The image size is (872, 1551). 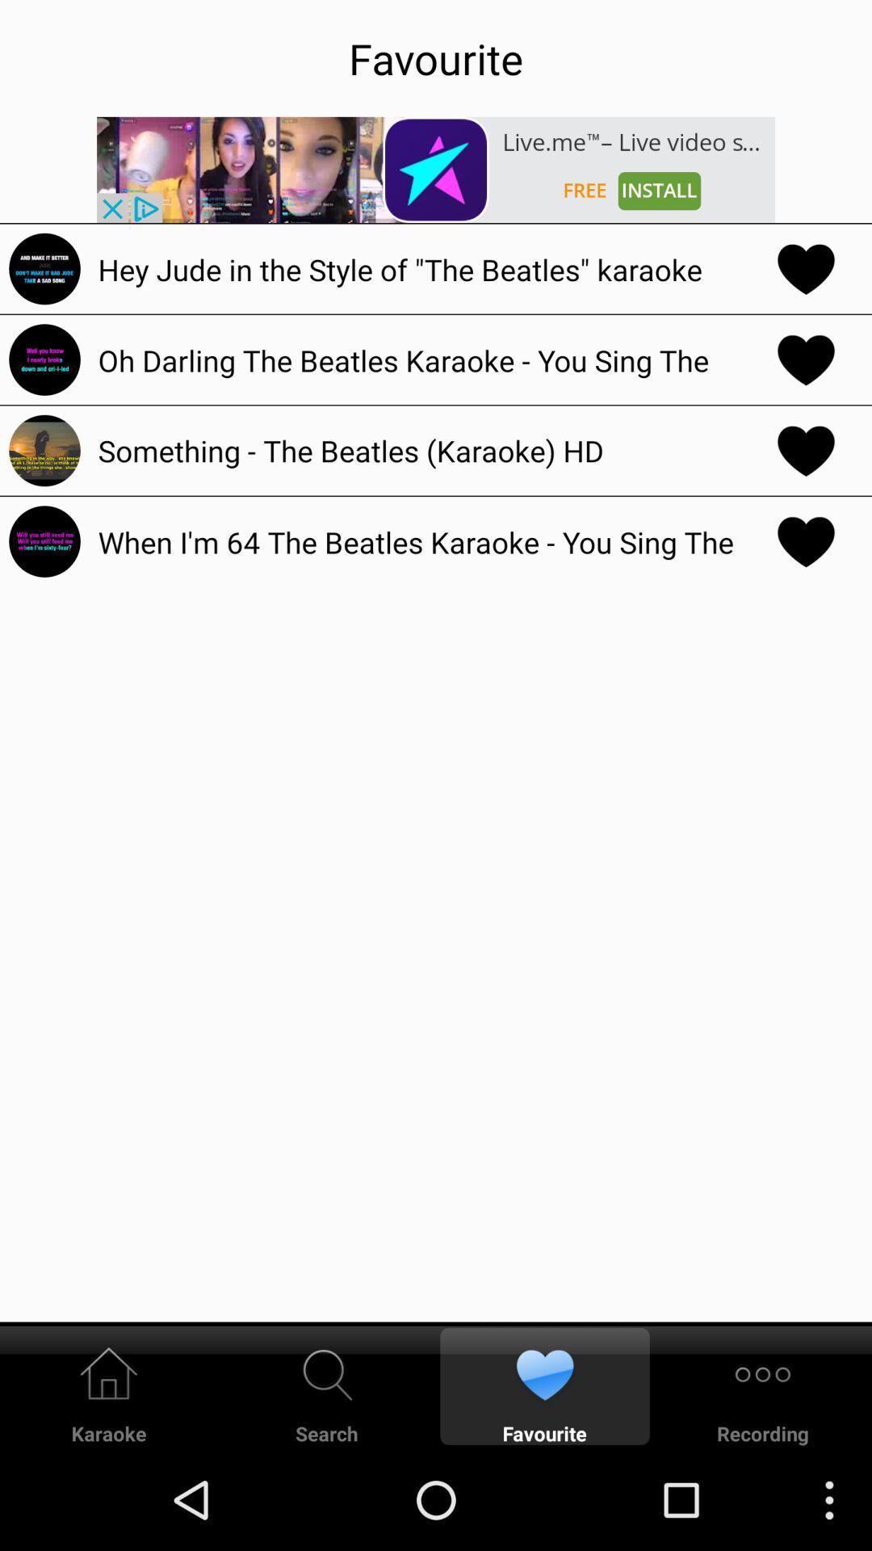 I want to click on heart the song, so click(x=806, y=359).